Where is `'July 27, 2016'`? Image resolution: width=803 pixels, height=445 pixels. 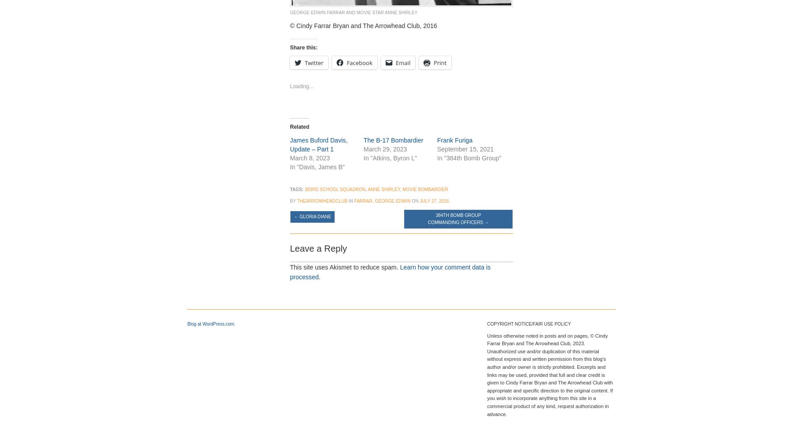 'July 27, 2016' is located at coordinates (434, 201).